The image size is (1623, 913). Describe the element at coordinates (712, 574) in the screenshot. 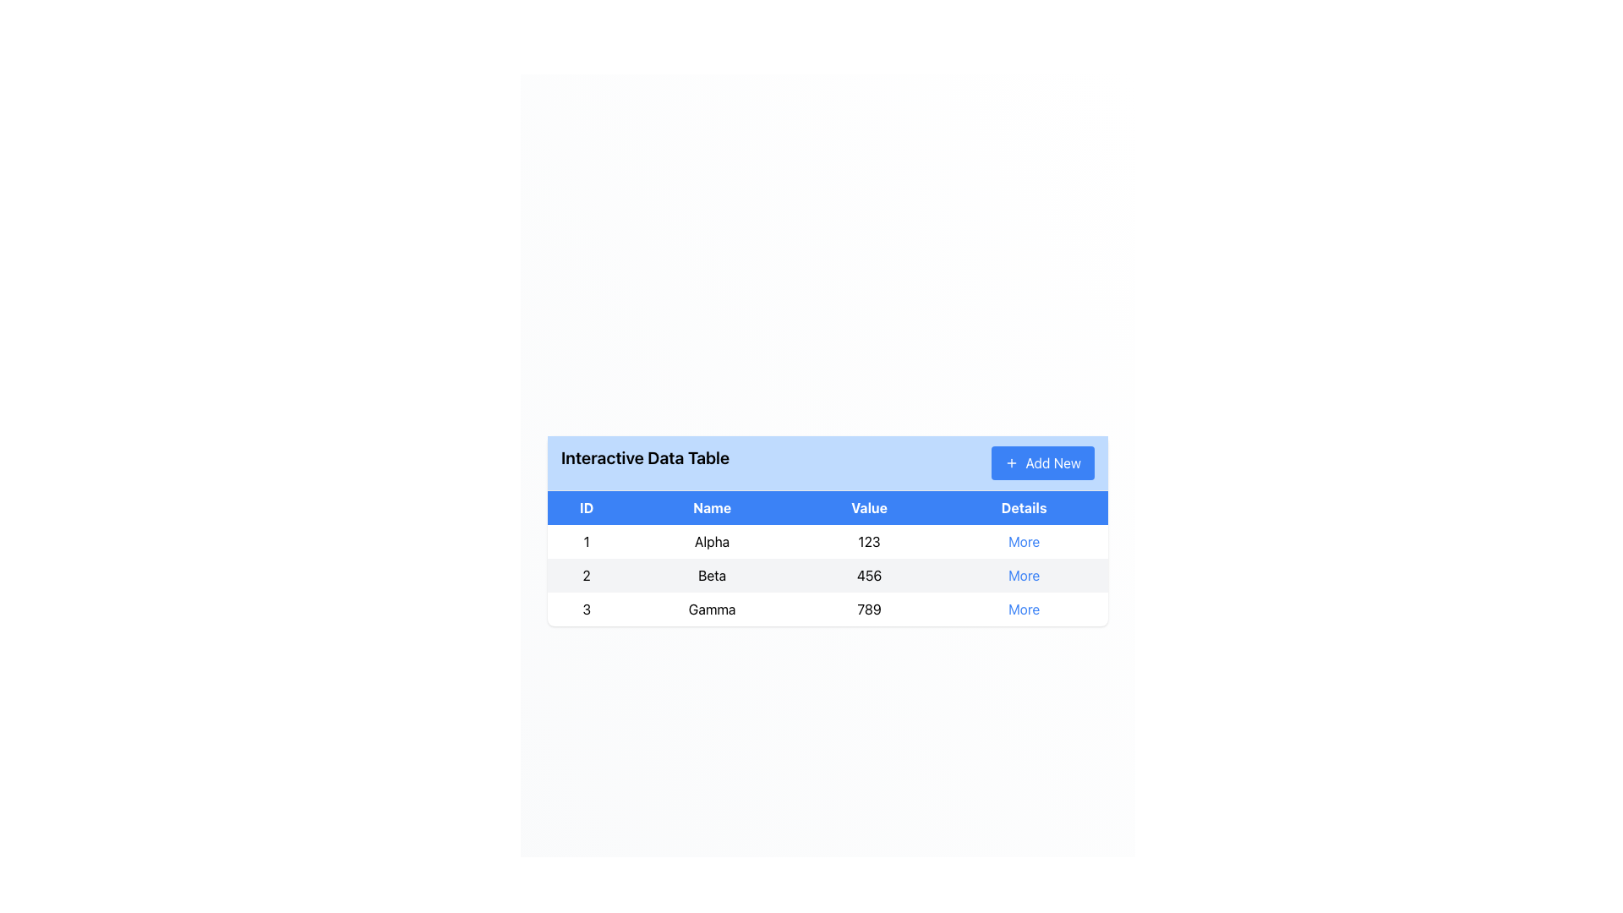

I see `the 'Name' text label located in the second row of the data table, positioned between the values '2' and '456'` at that location.